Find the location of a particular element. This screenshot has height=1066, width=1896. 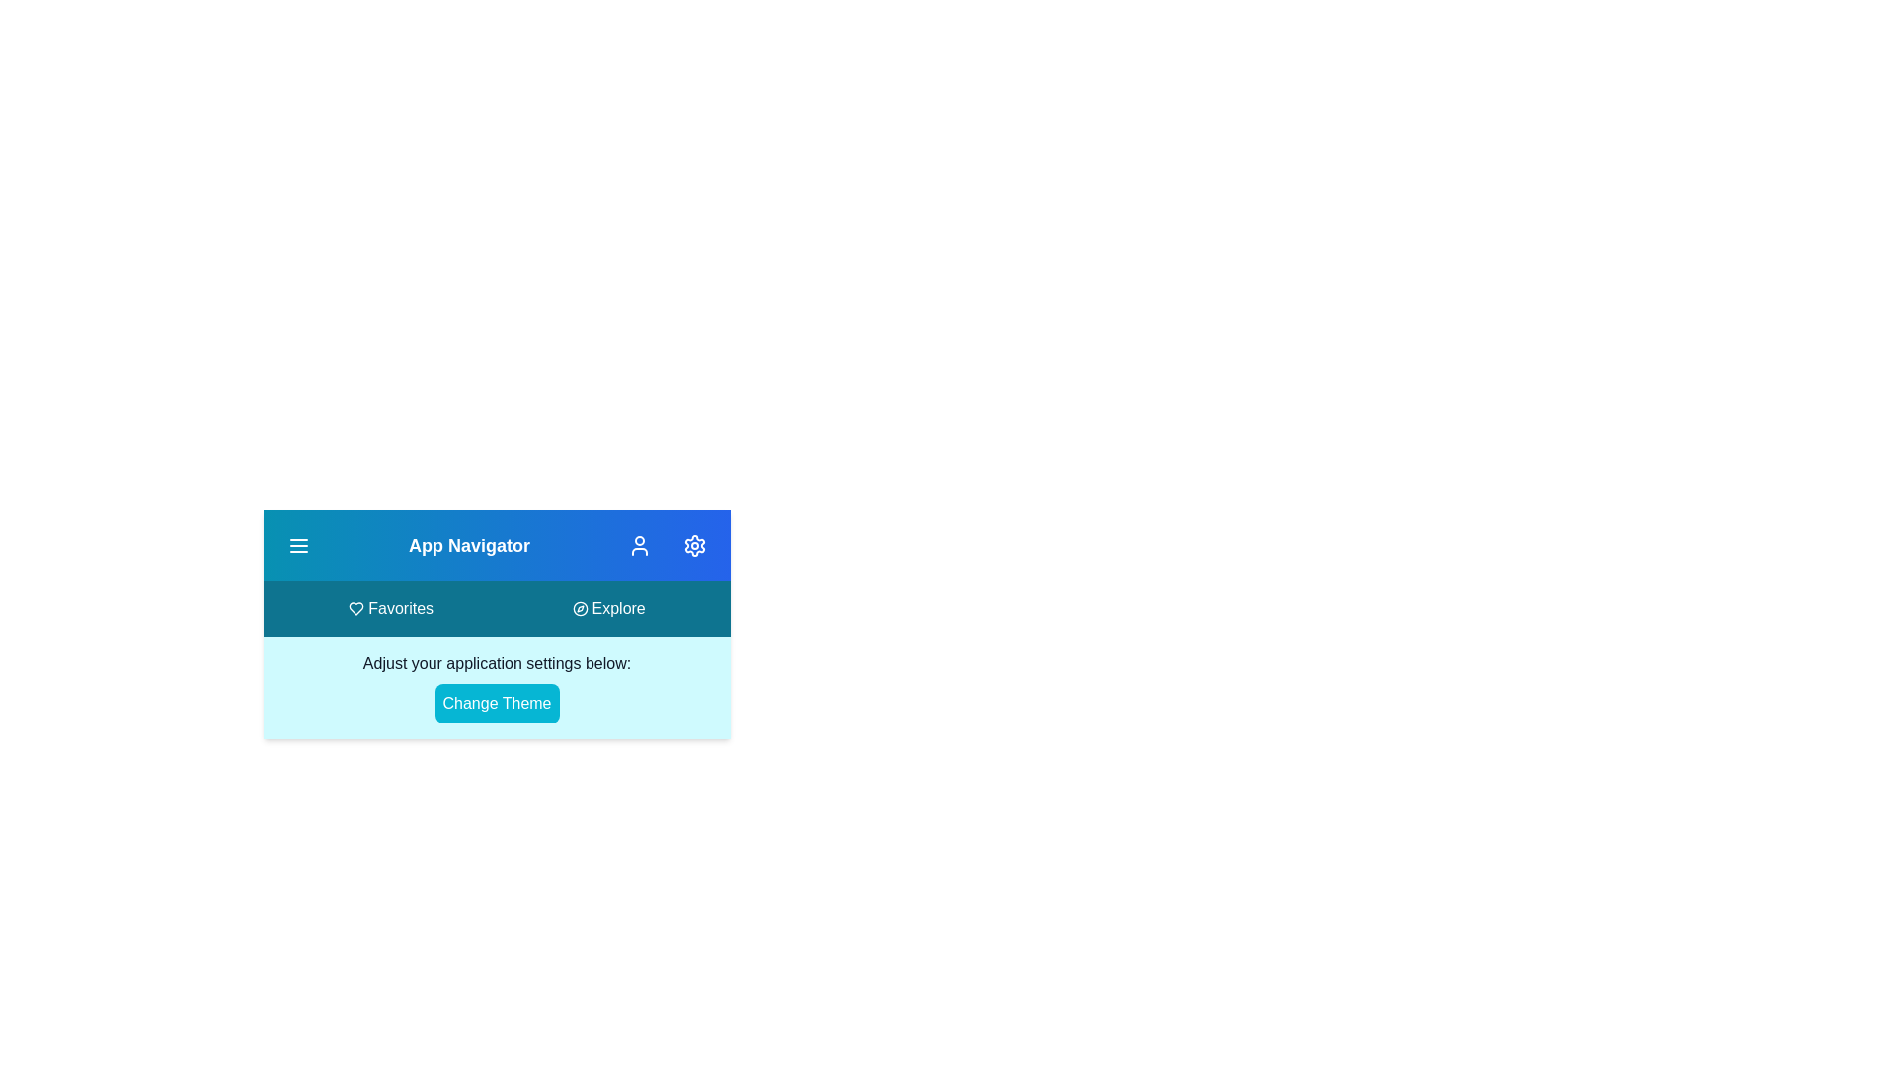

the teal-colored heart-shaped icon located in the top-left navigation bar near the 'Favorites' text is located at coordinates (356, 608).